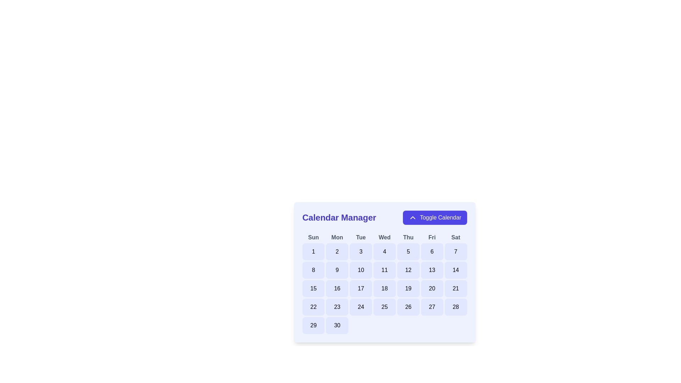 Image resolution: width=681 pixels, height=383 pixels. Describe the element at coordinates (432, 238) in the screenshot. I see `the text label displaying 'Fri' in bold gray font, which is the sixth day header in the calendar interface located between 'Thu' and 'Sat'` at that location.